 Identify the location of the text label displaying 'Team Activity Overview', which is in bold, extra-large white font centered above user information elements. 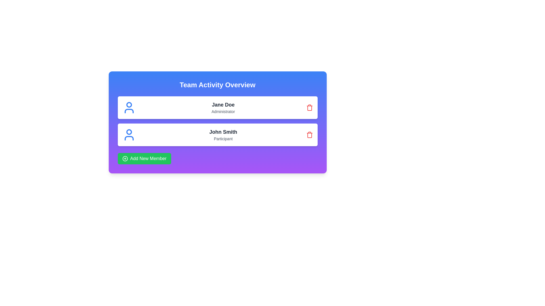
(217, 85).